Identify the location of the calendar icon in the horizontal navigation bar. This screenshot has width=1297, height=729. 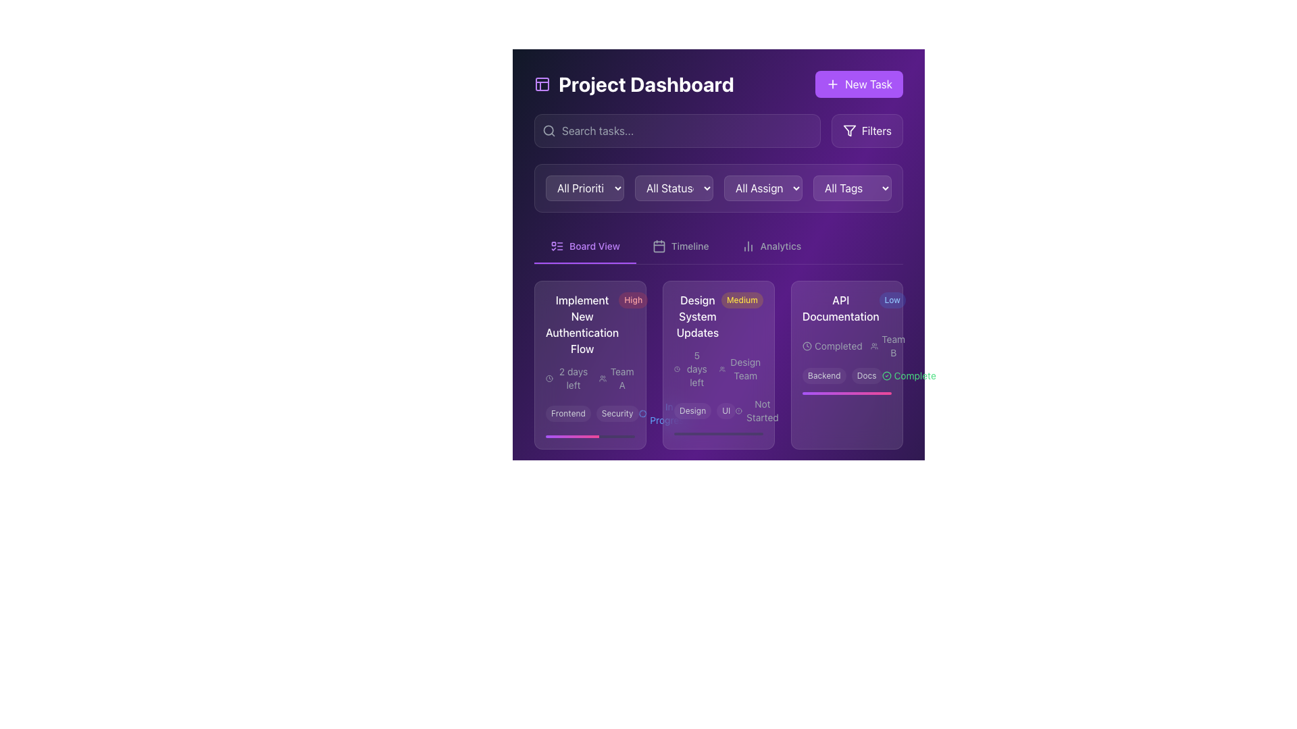
(659, 246).